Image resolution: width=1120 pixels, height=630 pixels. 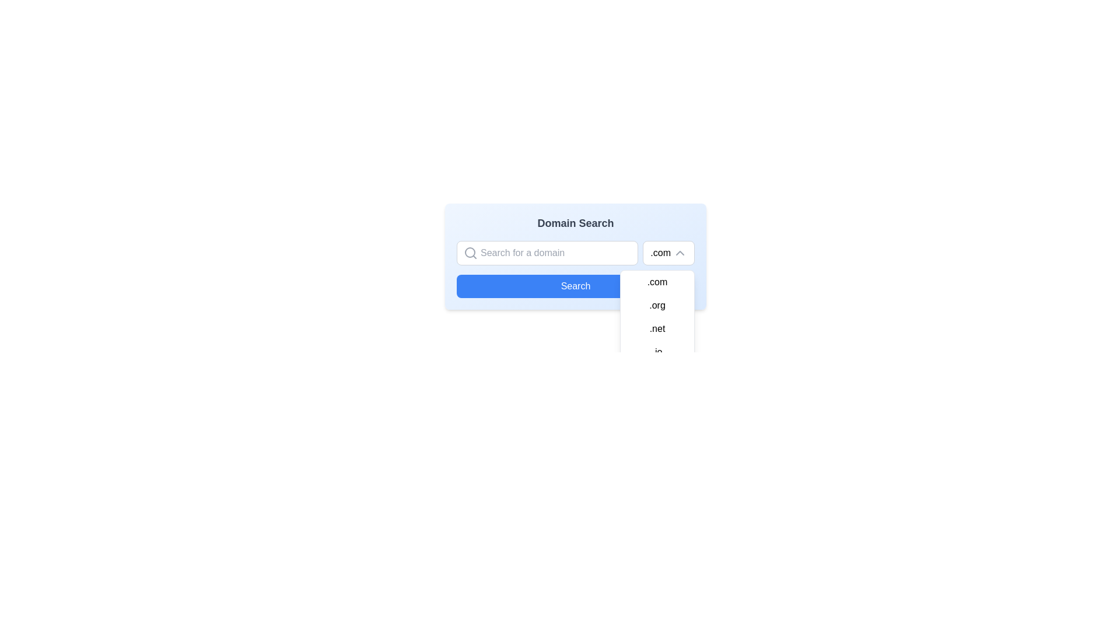 What do you see at coordinates (576, 223) in the screenshot?
I see `the Text Label that serves as a title for the domain search functionality, positioned above the domain entry box and search button` at bounding box center [576, 223].